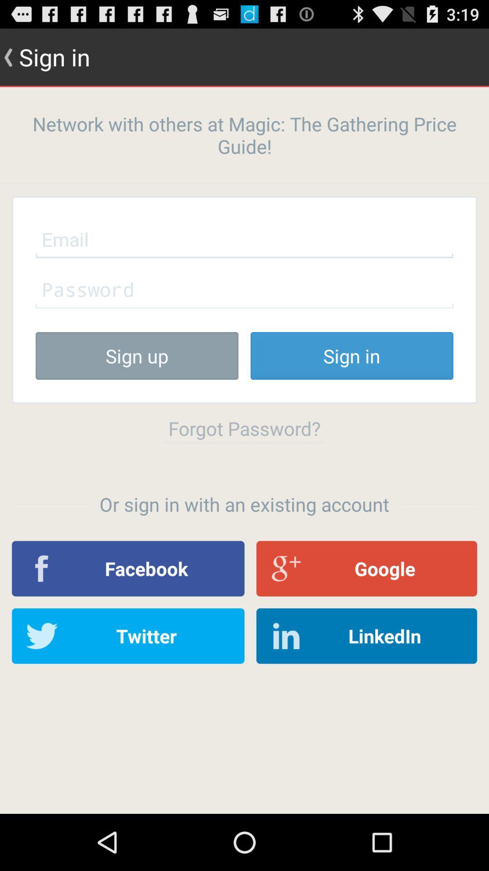  Describe the element at coordinates (367, 636) in the screenshot. I see `app to the right of the twitter icon` at that location.